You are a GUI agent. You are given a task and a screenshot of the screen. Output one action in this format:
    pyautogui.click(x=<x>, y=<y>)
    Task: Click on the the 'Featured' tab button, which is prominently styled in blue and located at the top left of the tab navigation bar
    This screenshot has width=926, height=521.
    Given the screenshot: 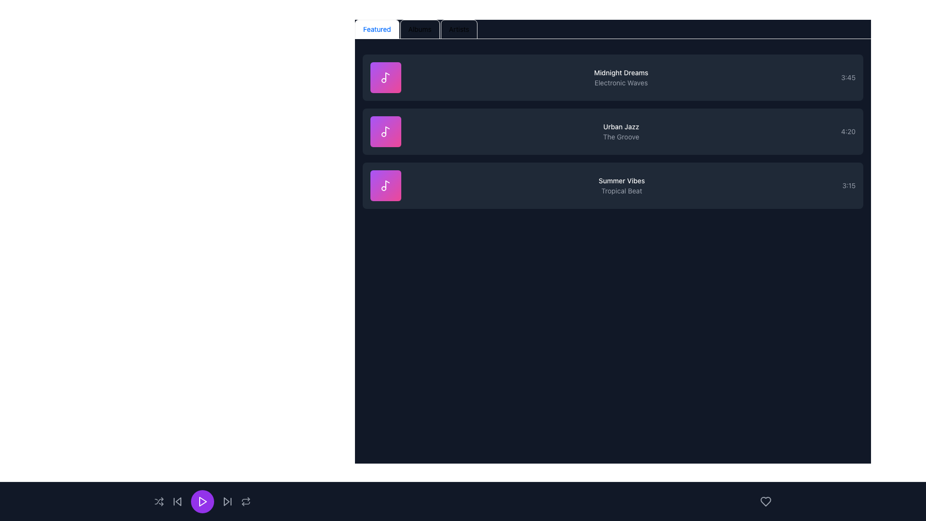 What is the action you would take?
    pyautogui.click(x=376, y=29)
    